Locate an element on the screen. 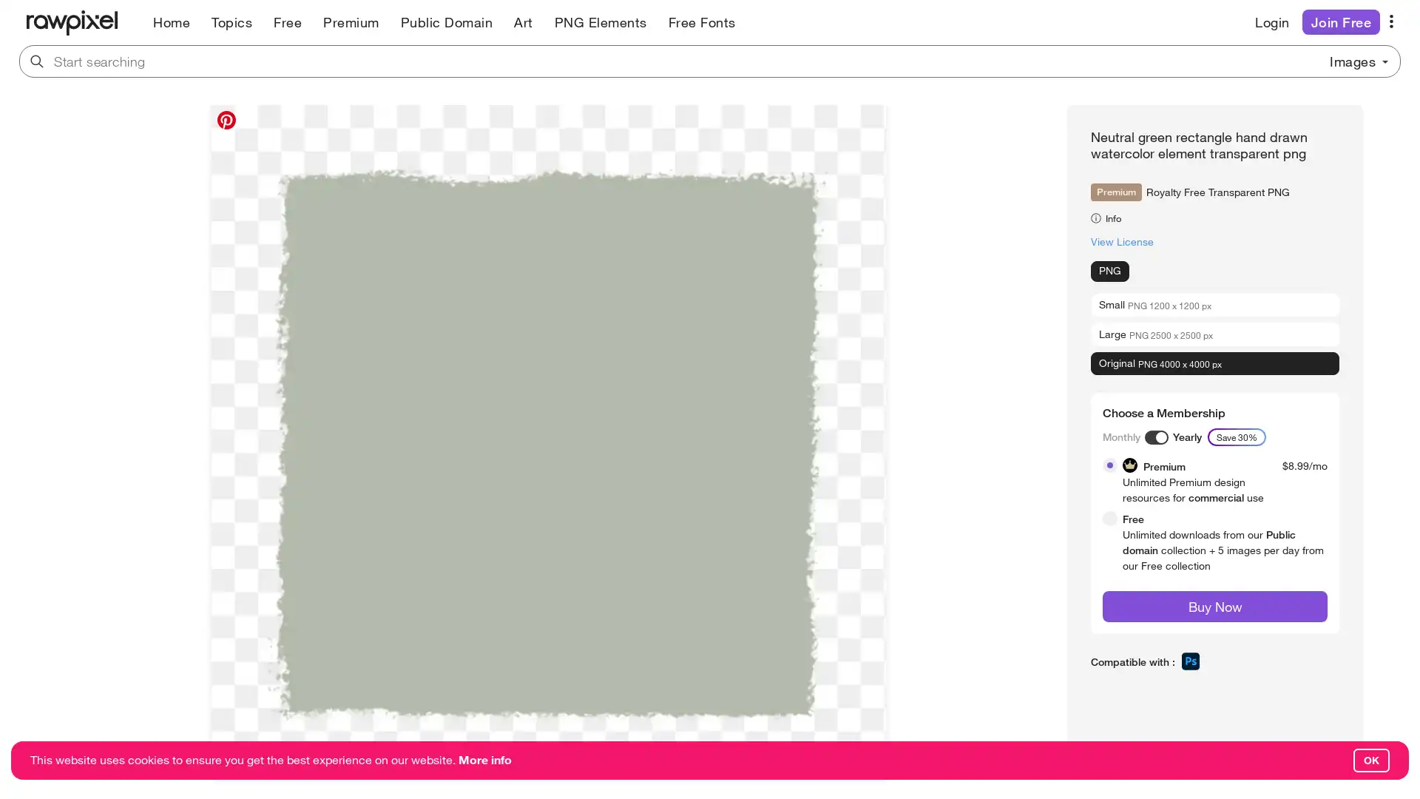 The height and width of the screenshot is (799, 1420). Info is located at coordinates (1109, 217).